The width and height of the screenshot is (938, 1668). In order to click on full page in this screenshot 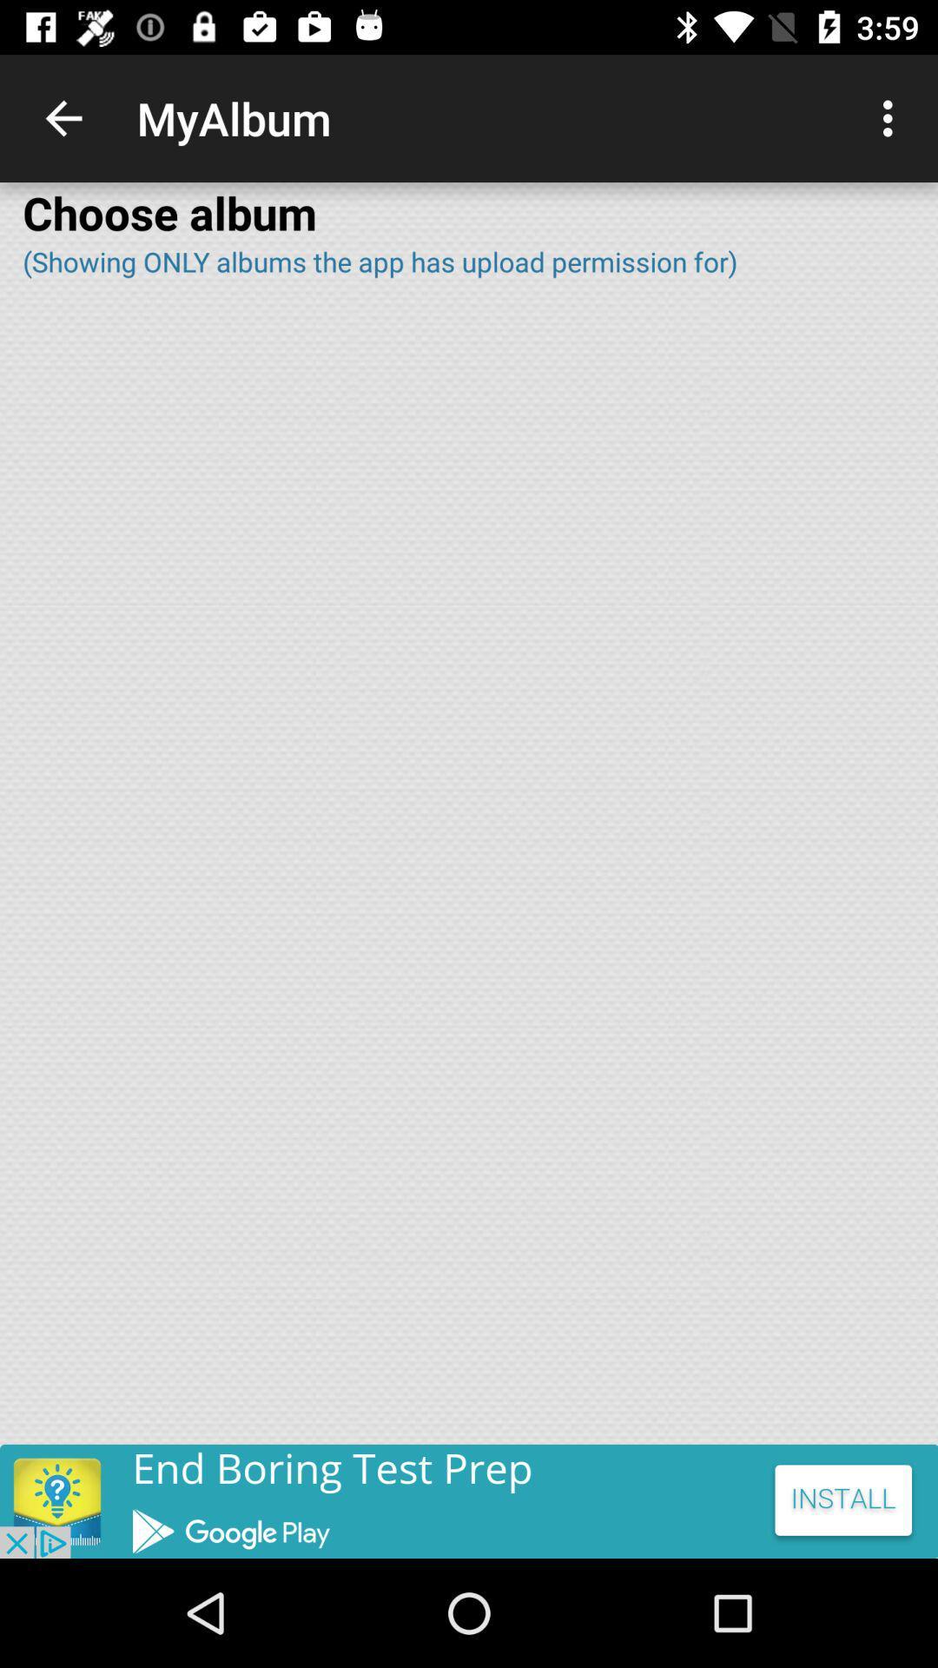, I will do `click(469, 873)`.